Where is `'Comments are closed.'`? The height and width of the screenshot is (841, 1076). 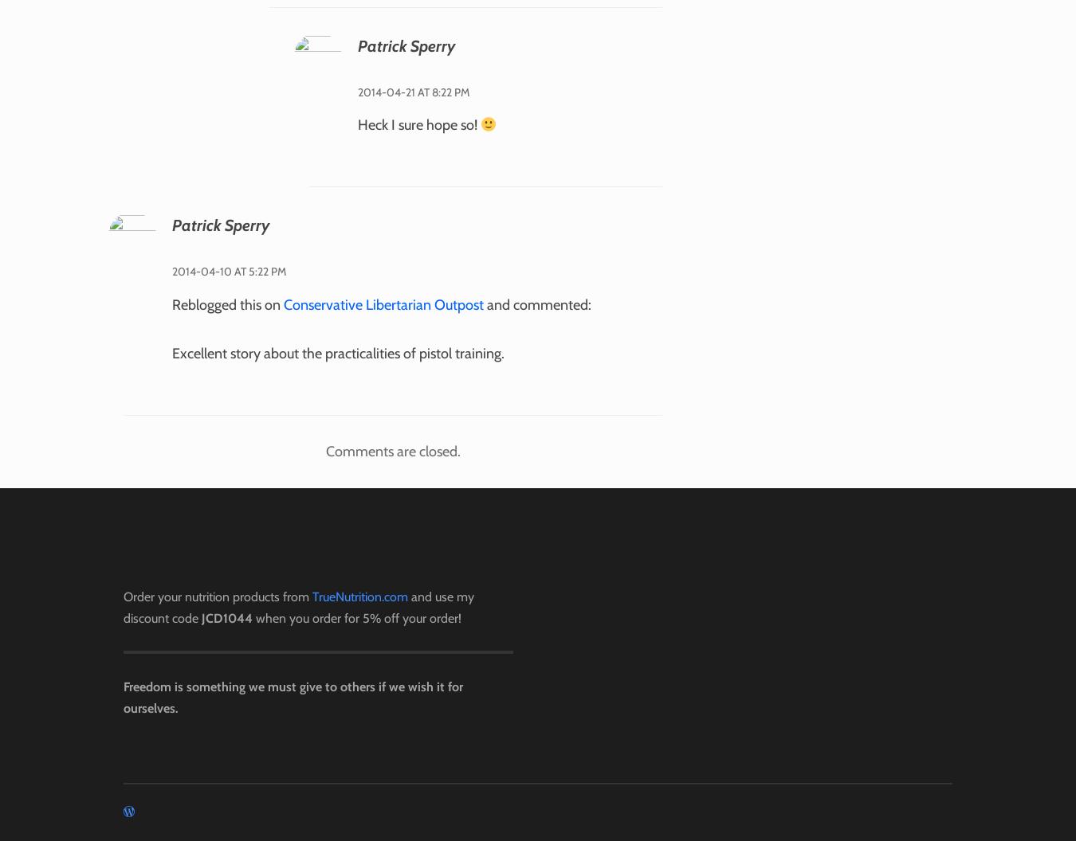 'Comments are closed.' is located at coordinates (391, 451).